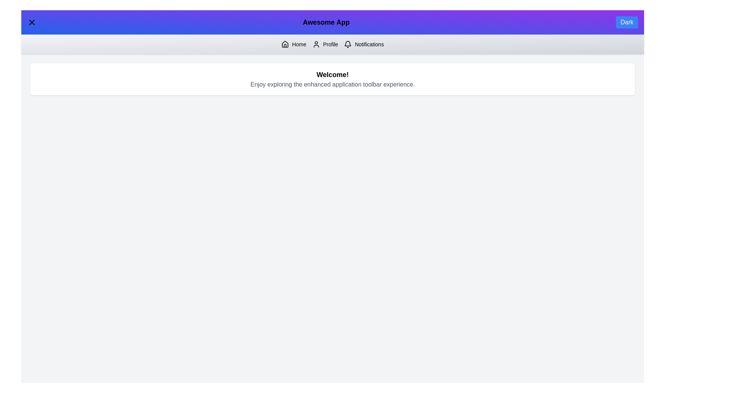  I want to click on the welcome text displayed in the center of the component, so click(332, 74).